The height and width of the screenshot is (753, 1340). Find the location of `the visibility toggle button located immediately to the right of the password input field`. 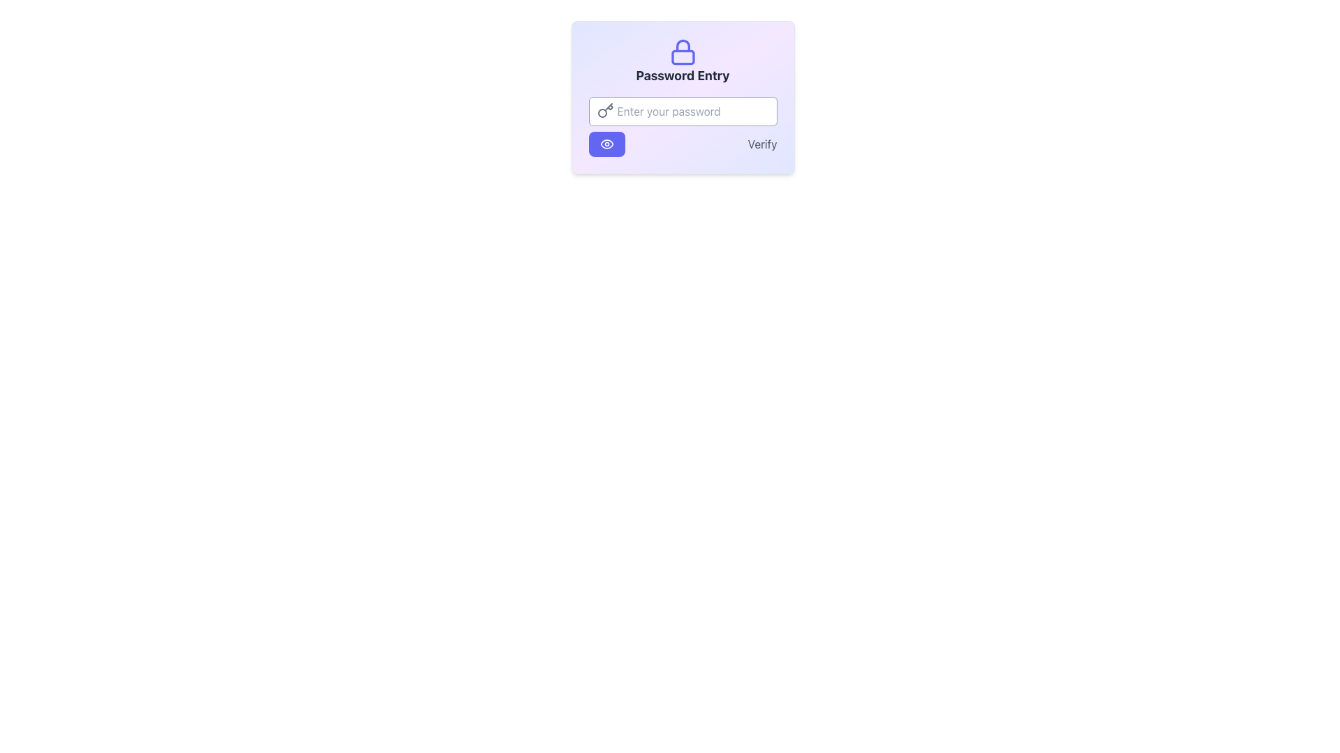

the visibility toggle button located immediately to the right of the password input field is located at coordinates (606, 144).